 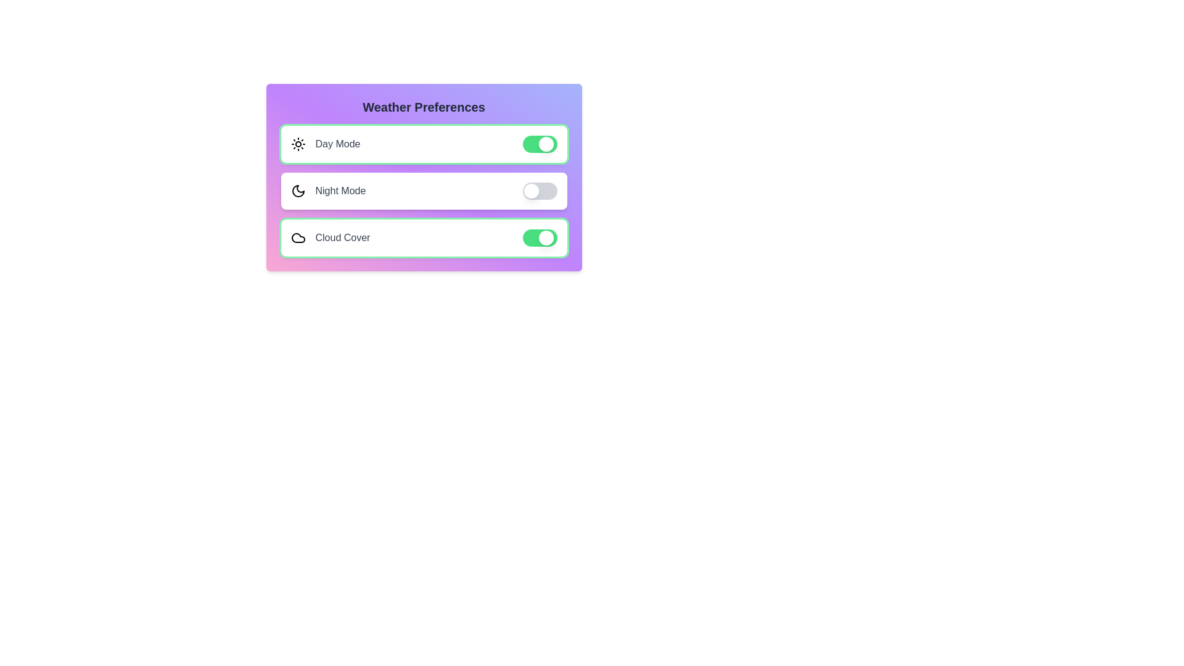 What do you see at coordinates (337, 144) in the screenshot?
I see `the text label corresponding to Day Mode to focus or select it` at bounding box center [337, 144].